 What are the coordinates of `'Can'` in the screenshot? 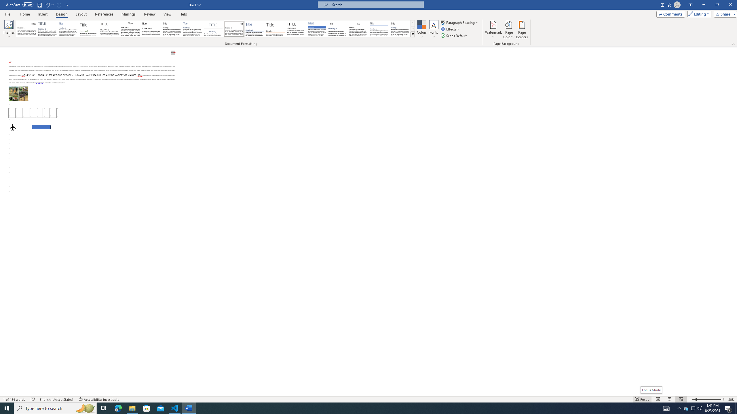 It's located at (59, 4).